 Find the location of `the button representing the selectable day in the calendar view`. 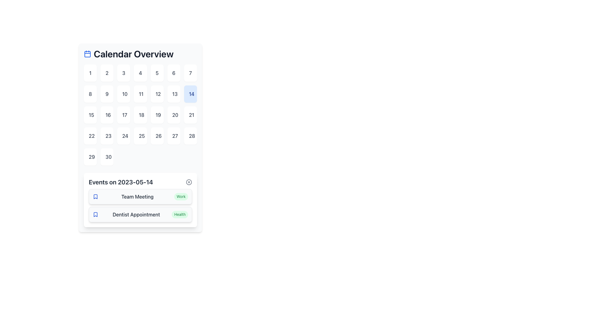

the button representing the selectable day in the calendar view is located at coordinates (107, 94).